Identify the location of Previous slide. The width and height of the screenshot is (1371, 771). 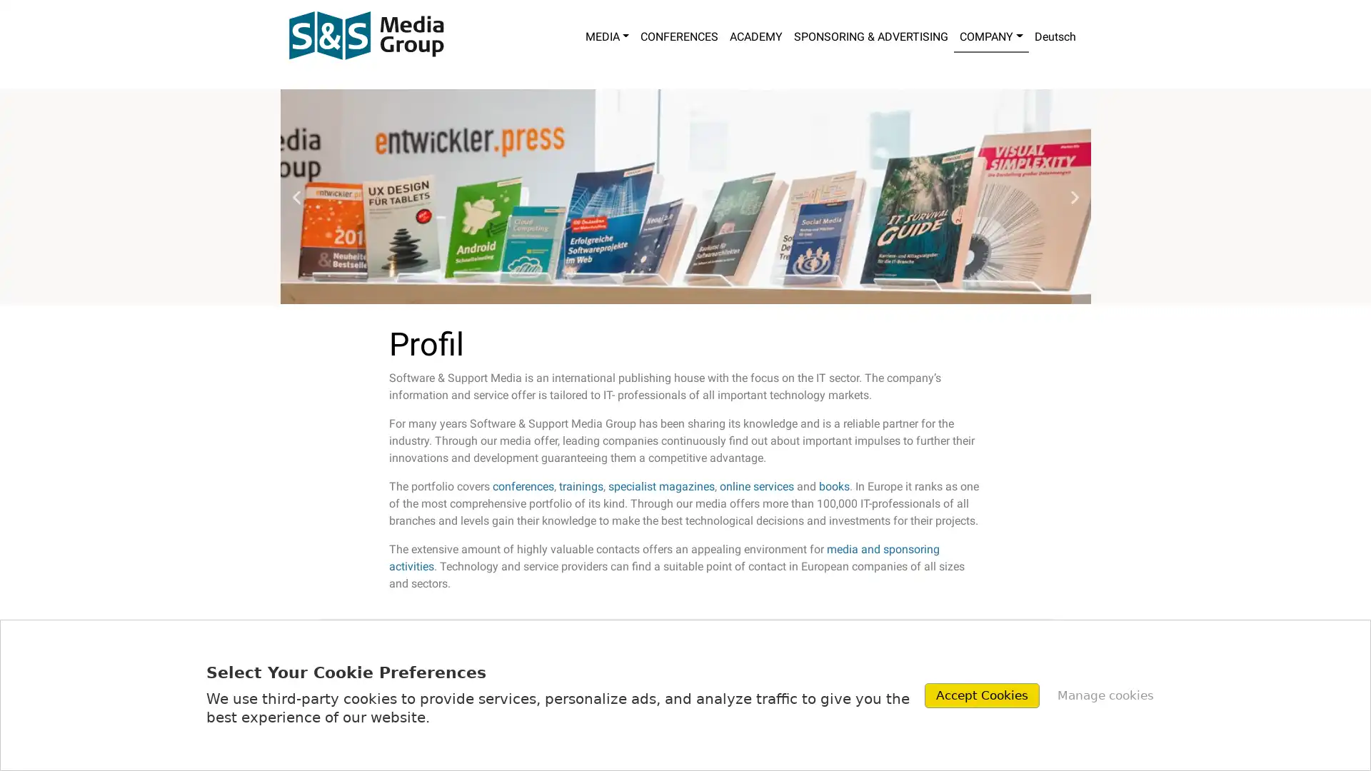
(295, 196).